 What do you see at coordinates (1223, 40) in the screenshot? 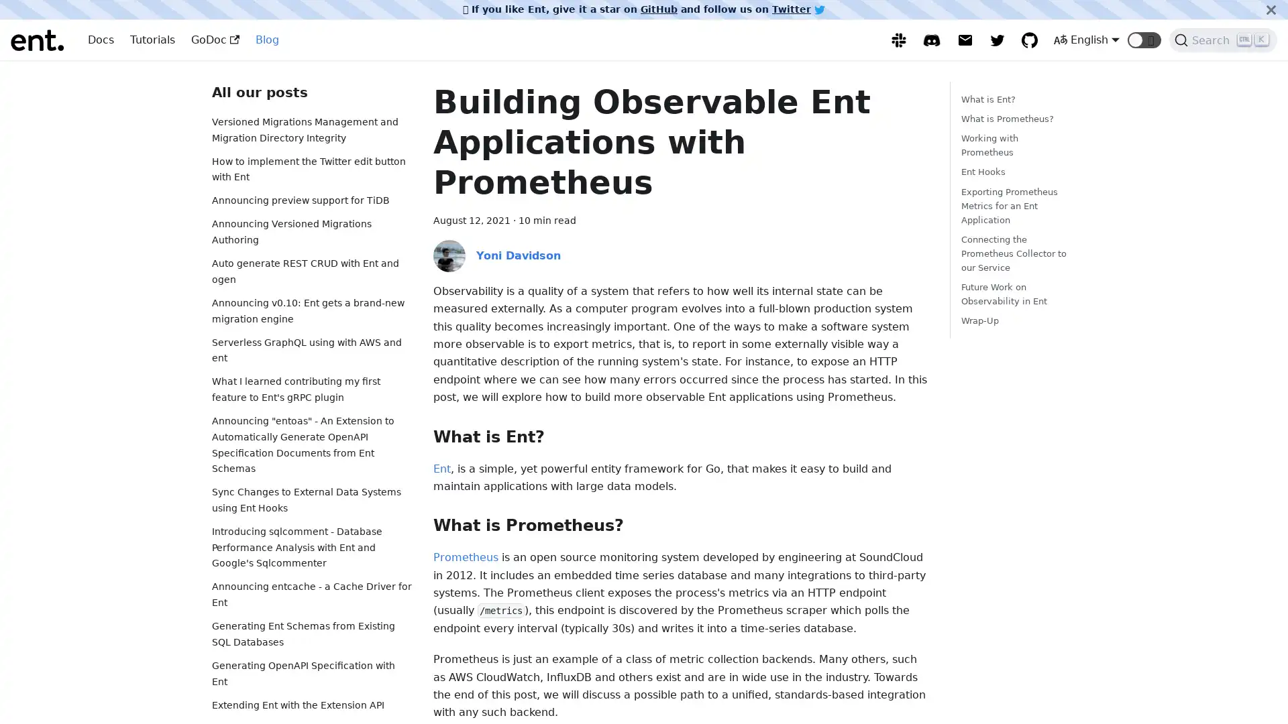
I see `Search` at bounding box center [1223, 40].